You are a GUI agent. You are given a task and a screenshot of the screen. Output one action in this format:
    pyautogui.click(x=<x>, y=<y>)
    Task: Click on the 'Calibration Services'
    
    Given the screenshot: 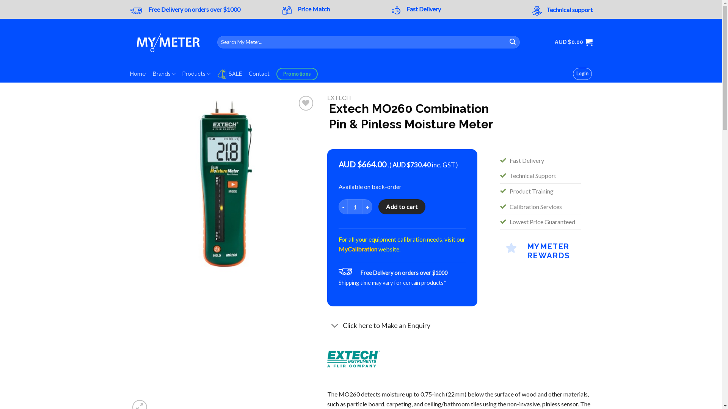 What is the action you would take?
    pyautogui.click(x=535, y=206)
    